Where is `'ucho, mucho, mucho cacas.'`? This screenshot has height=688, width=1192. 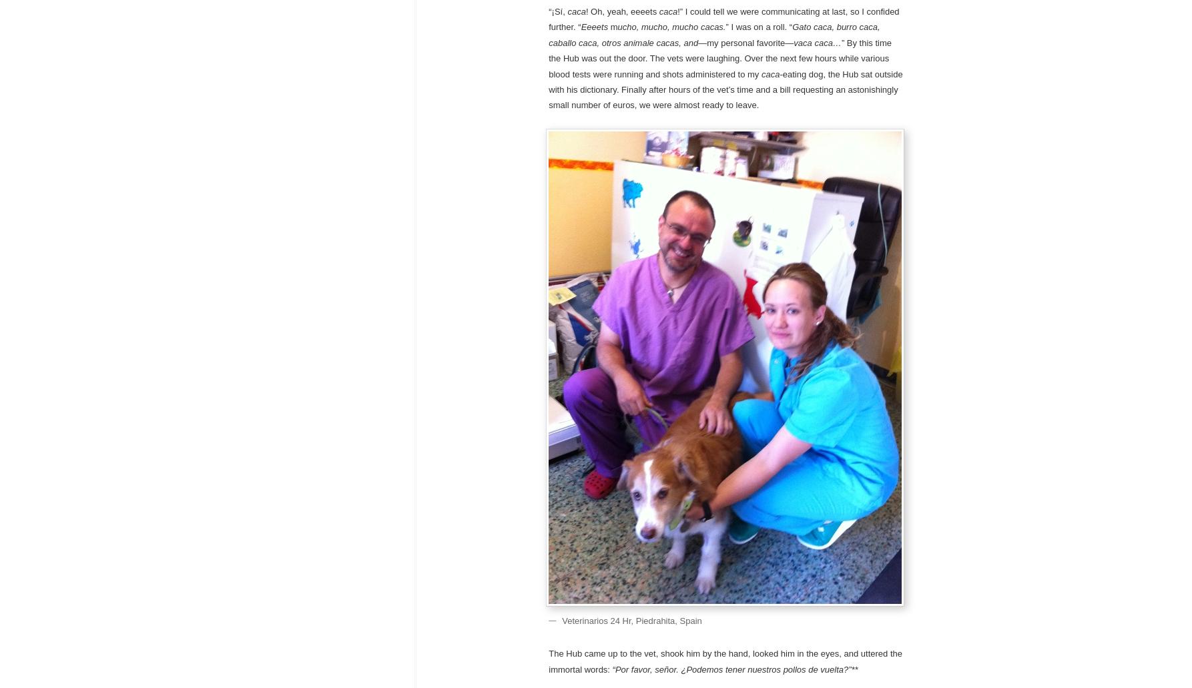
'ucho, mucho, mucho cacas.' is located at coordinates (671, 27).